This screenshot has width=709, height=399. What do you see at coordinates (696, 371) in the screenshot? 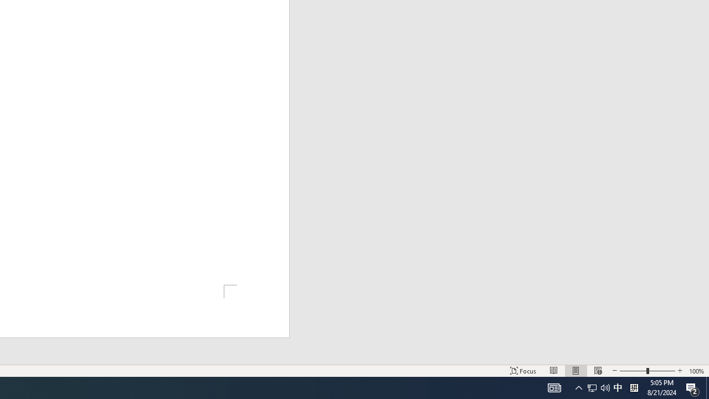
I see `'Zoom 100%'` at bounding box center [696, 371].